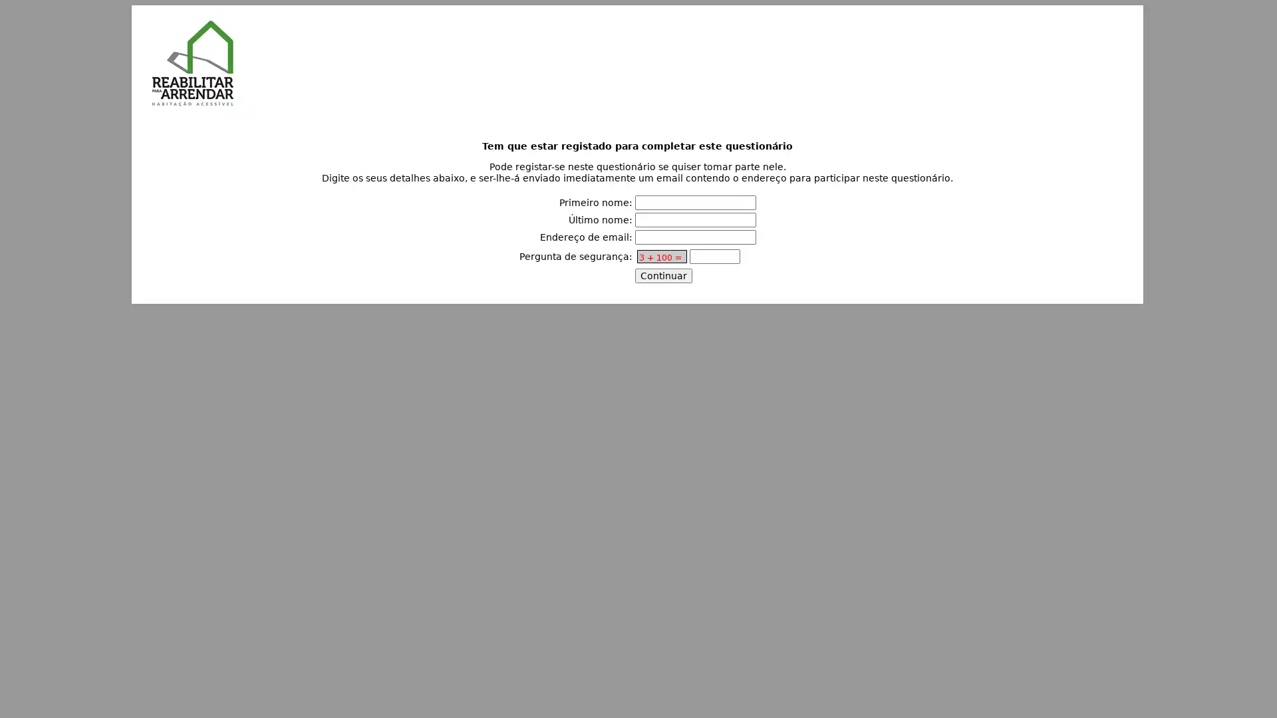  What do you see at coordinates (663, 275) in the screenshot?
I see `Continuar` at bounding box center [663, 275].